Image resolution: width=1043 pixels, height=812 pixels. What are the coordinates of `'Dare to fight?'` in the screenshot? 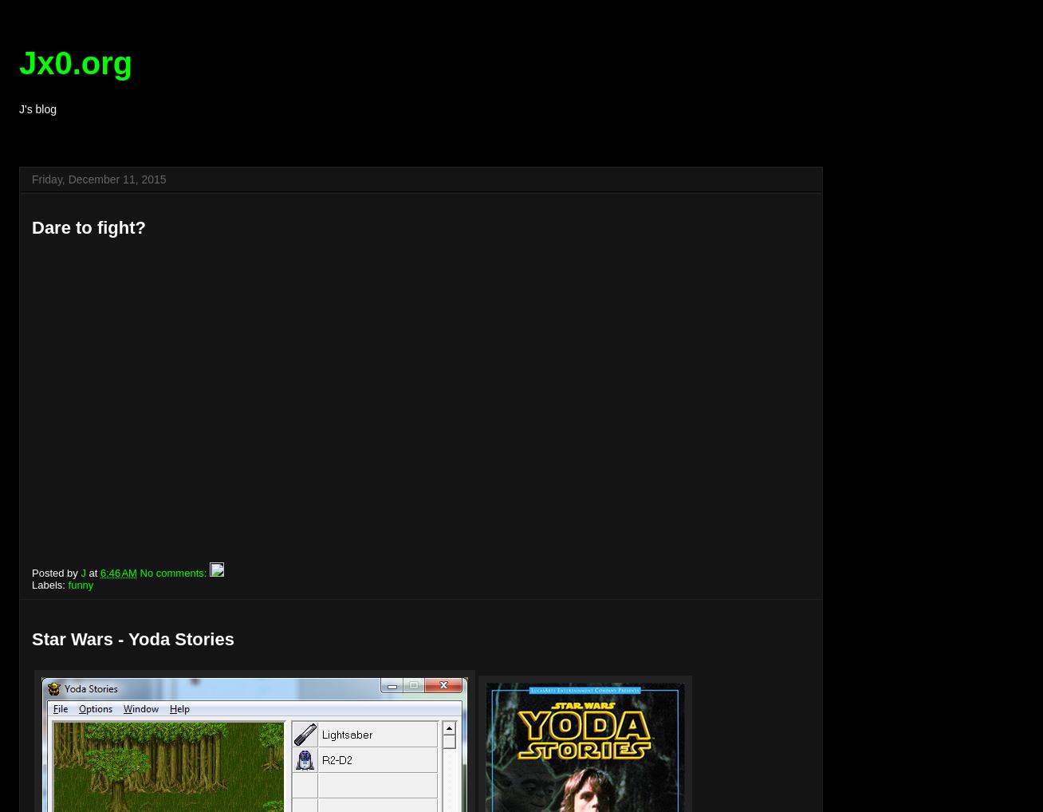 It's located at (88, 227).